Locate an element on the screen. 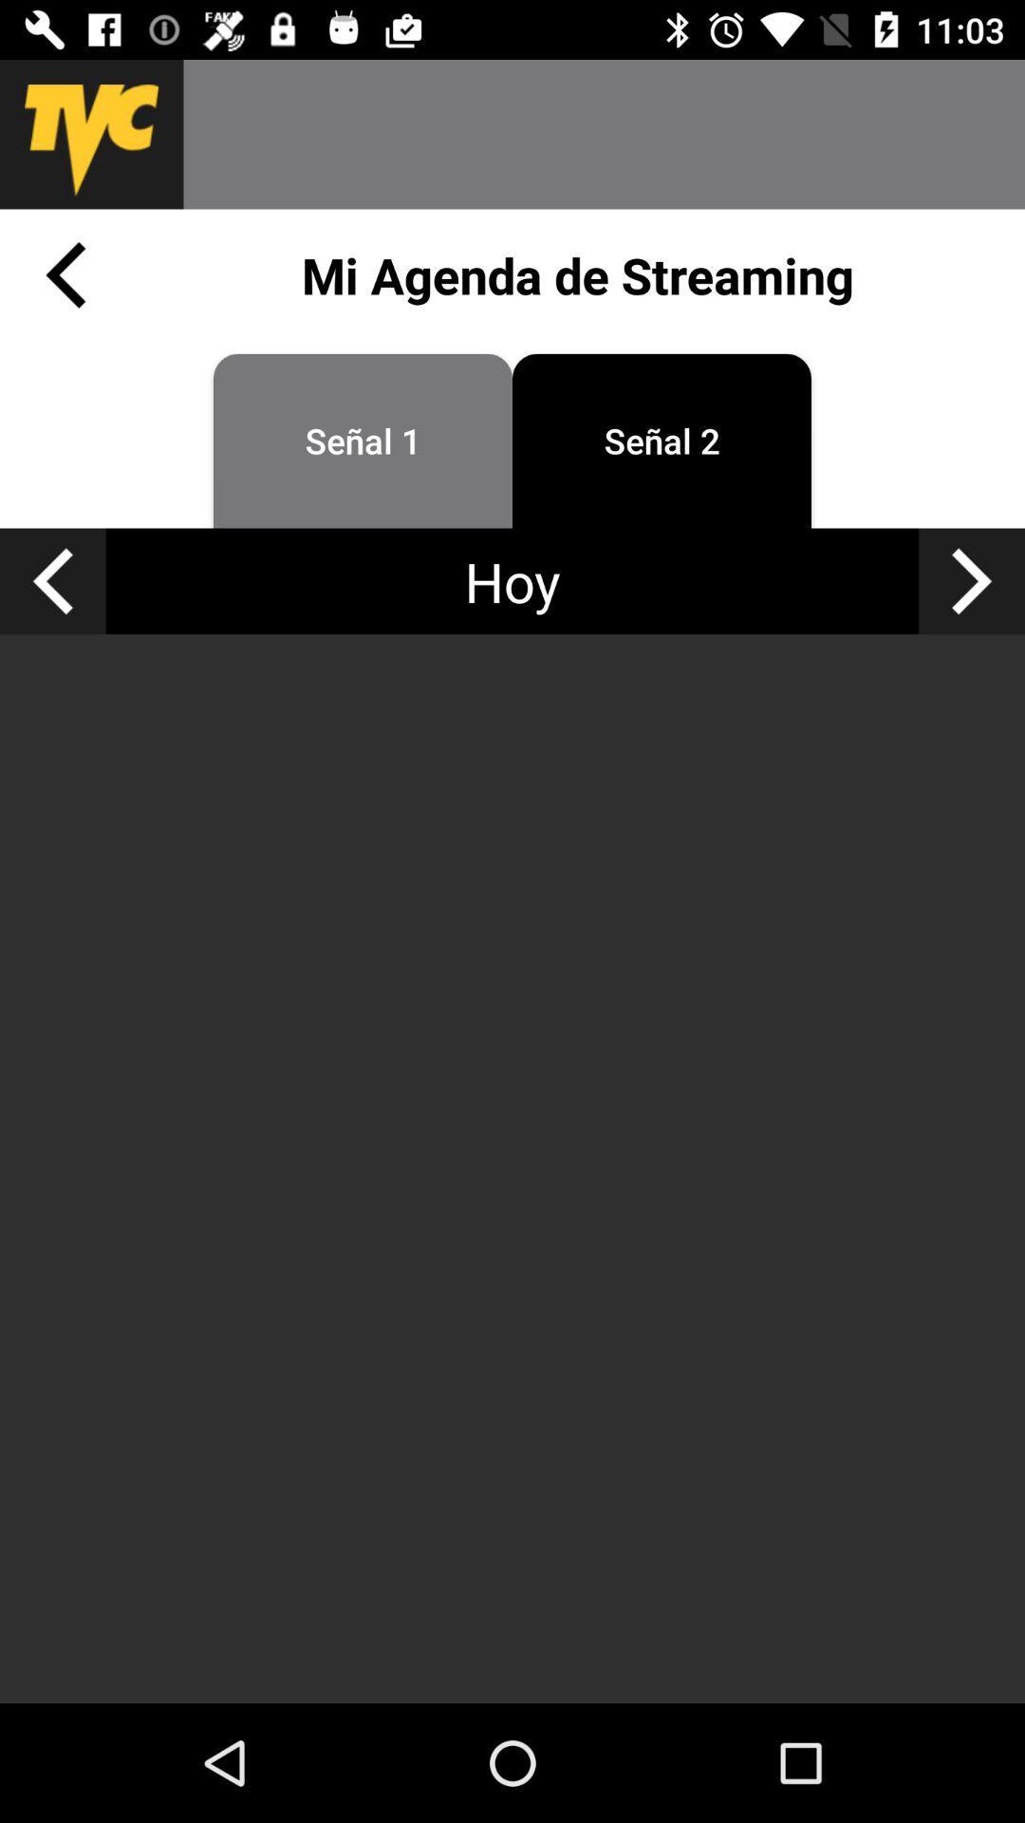 This screenshot has width=1025, height=1823. the icon at the center is located at coordinates (512, 1168).